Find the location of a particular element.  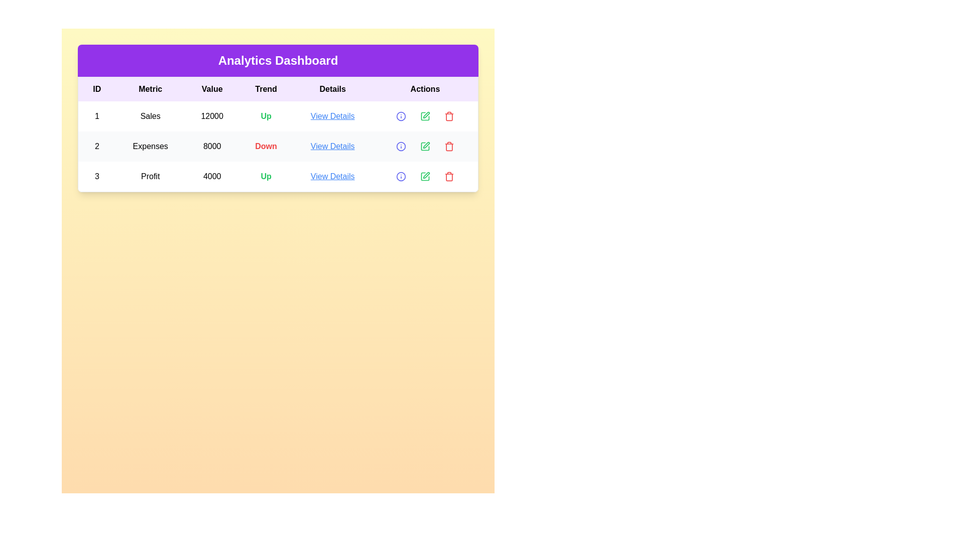

the Edit button icon, represented as a pen symbol within a square frame, located in the Actions column of the table in the third row corresponding to the Profit entry, to initiate editing is located at coordinates (426, 175).